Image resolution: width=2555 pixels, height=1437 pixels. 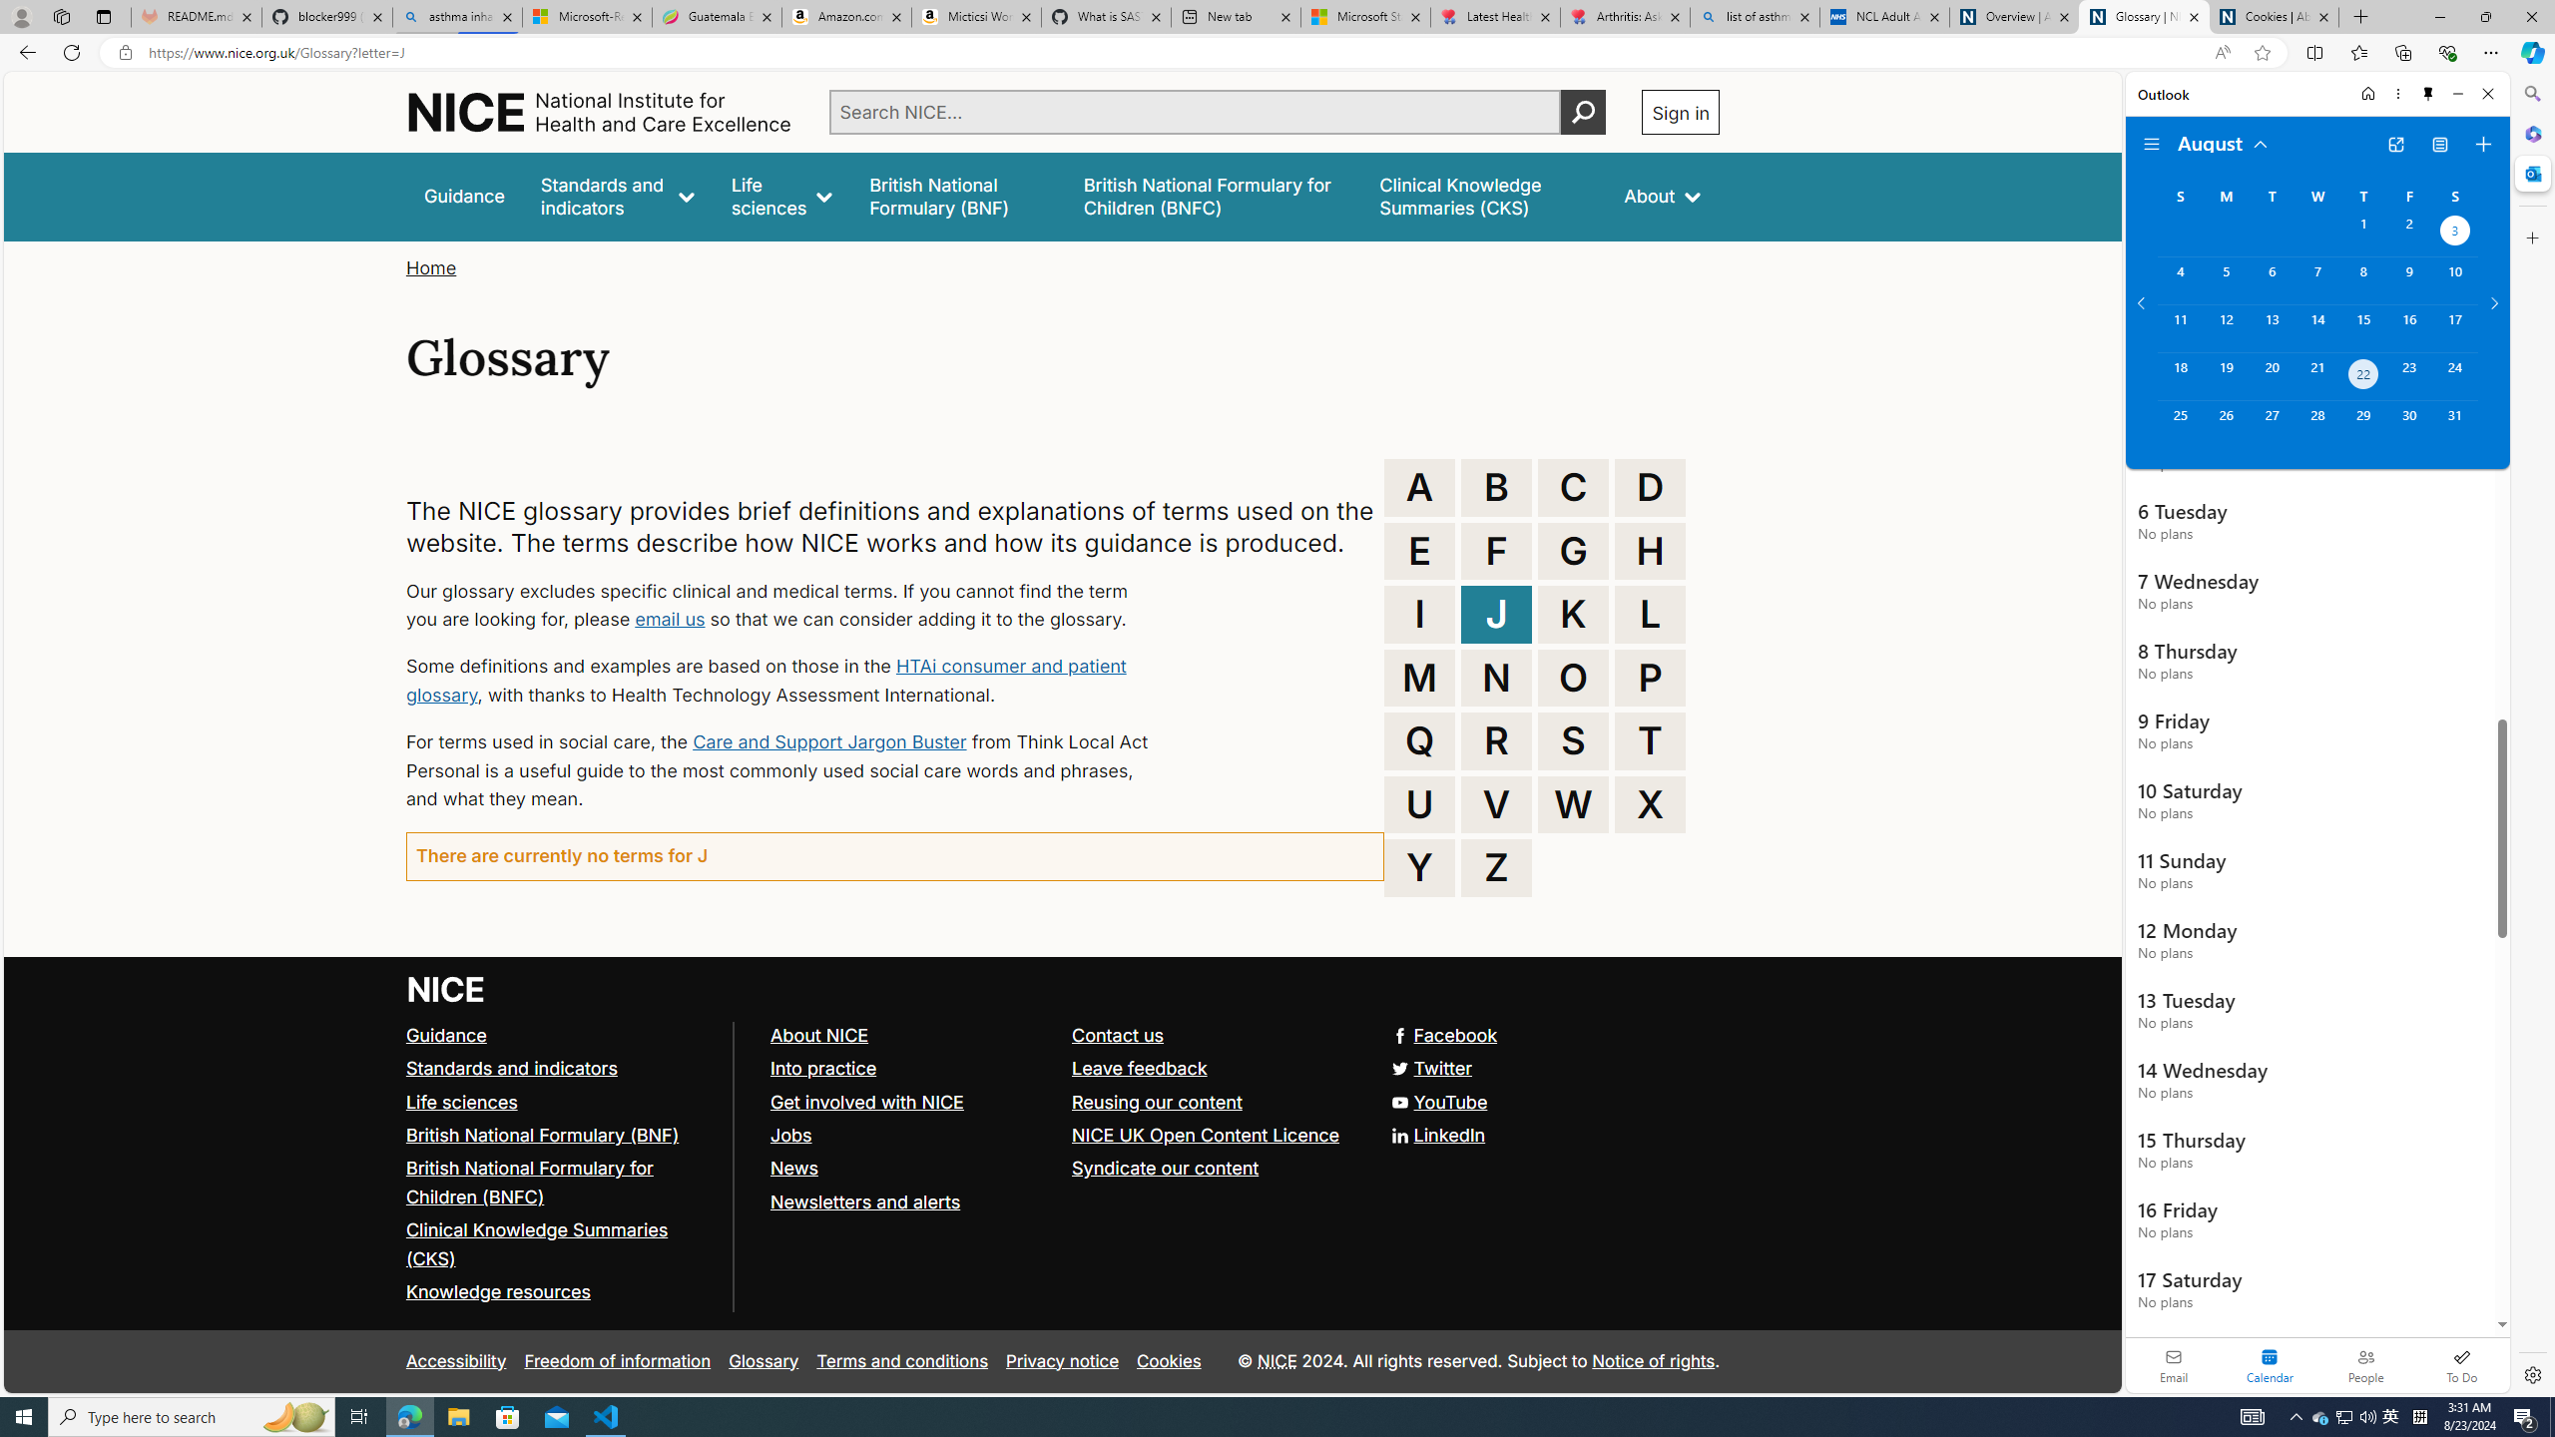 I want to click on 'N', so click(x=1497, y=676).